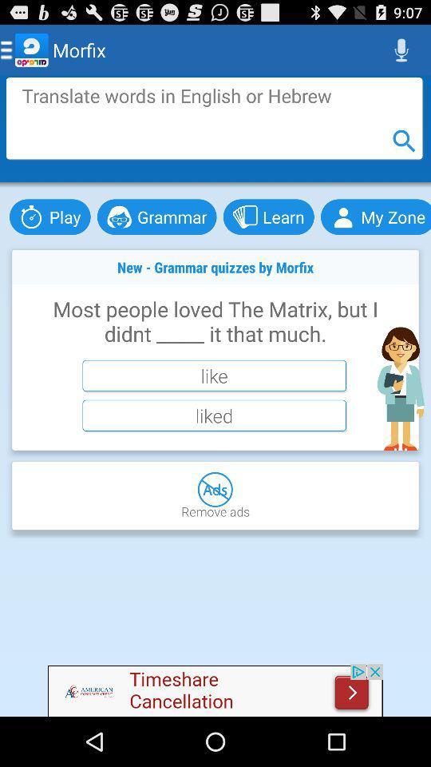 Image resolution: width=431 pixels, height=767 pixels. What do you see at coordinates (214, 117) in the screenshot?
I see `translate words` at bounding box center [214, 117].